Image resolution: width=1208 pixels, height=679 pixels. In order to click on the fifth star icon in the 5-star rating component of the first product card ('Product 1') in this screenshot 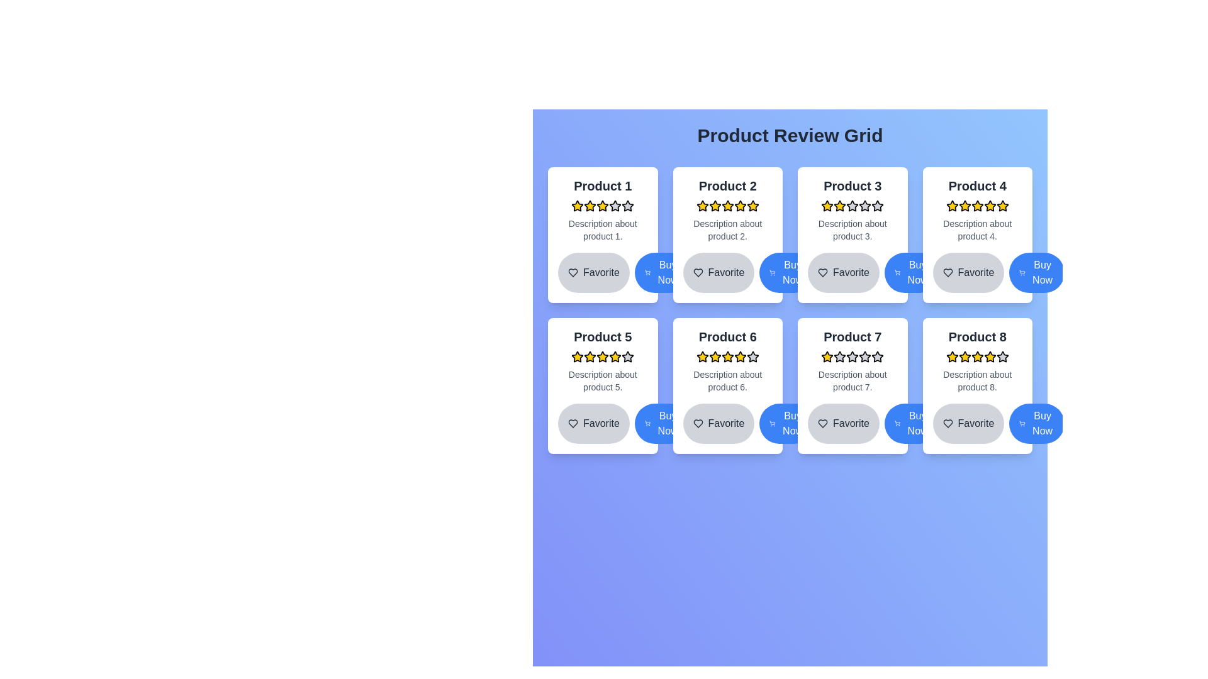, I will do `click(615, 205)`.